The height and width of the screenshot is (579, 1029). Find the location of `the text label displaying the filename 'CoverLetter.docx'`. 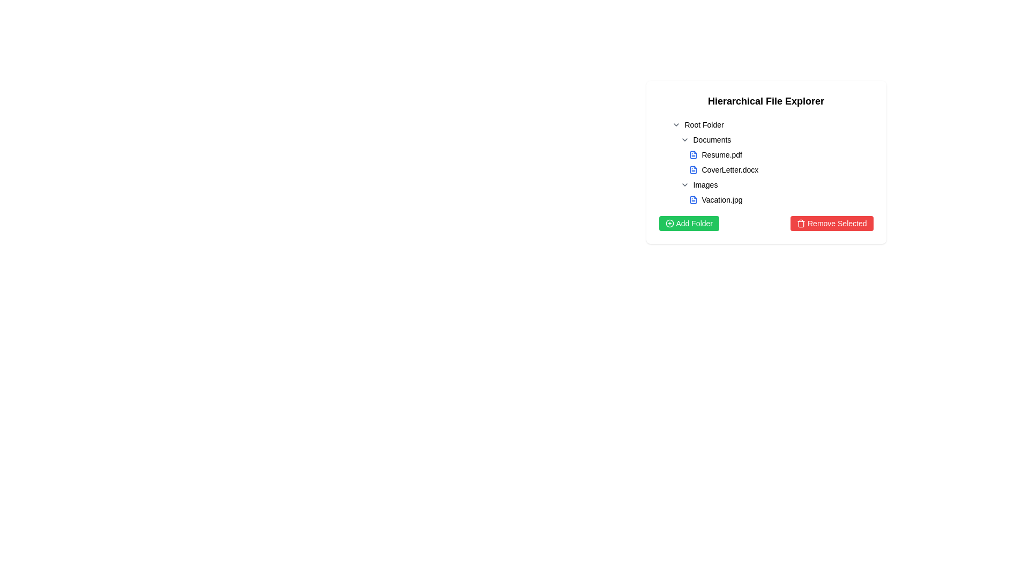

the text label displaying the filename 'CoverLetter.docx' is located at coordinates (729, 169).